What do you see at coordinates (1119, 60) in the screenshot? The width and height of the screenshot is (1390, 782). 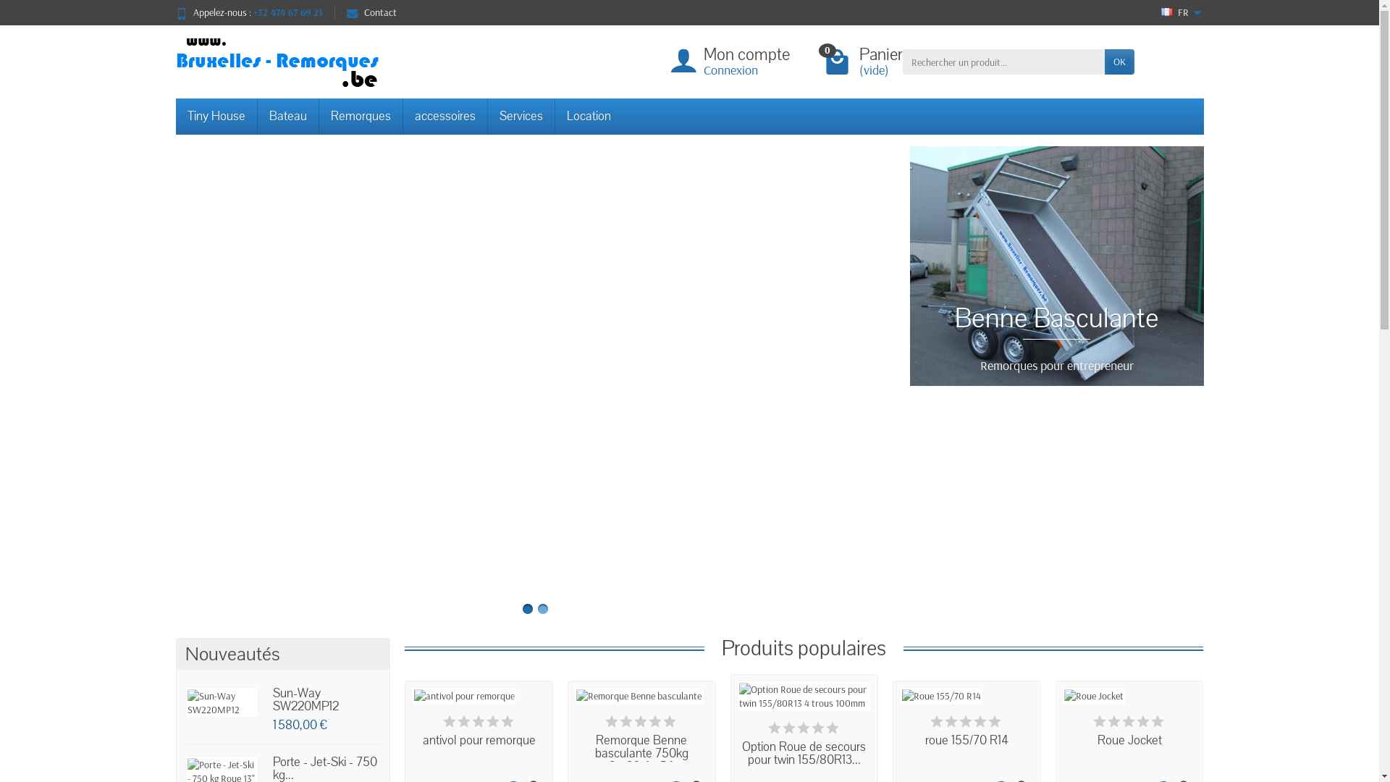 I see `'OK'` at bounding box center [1119, 60].